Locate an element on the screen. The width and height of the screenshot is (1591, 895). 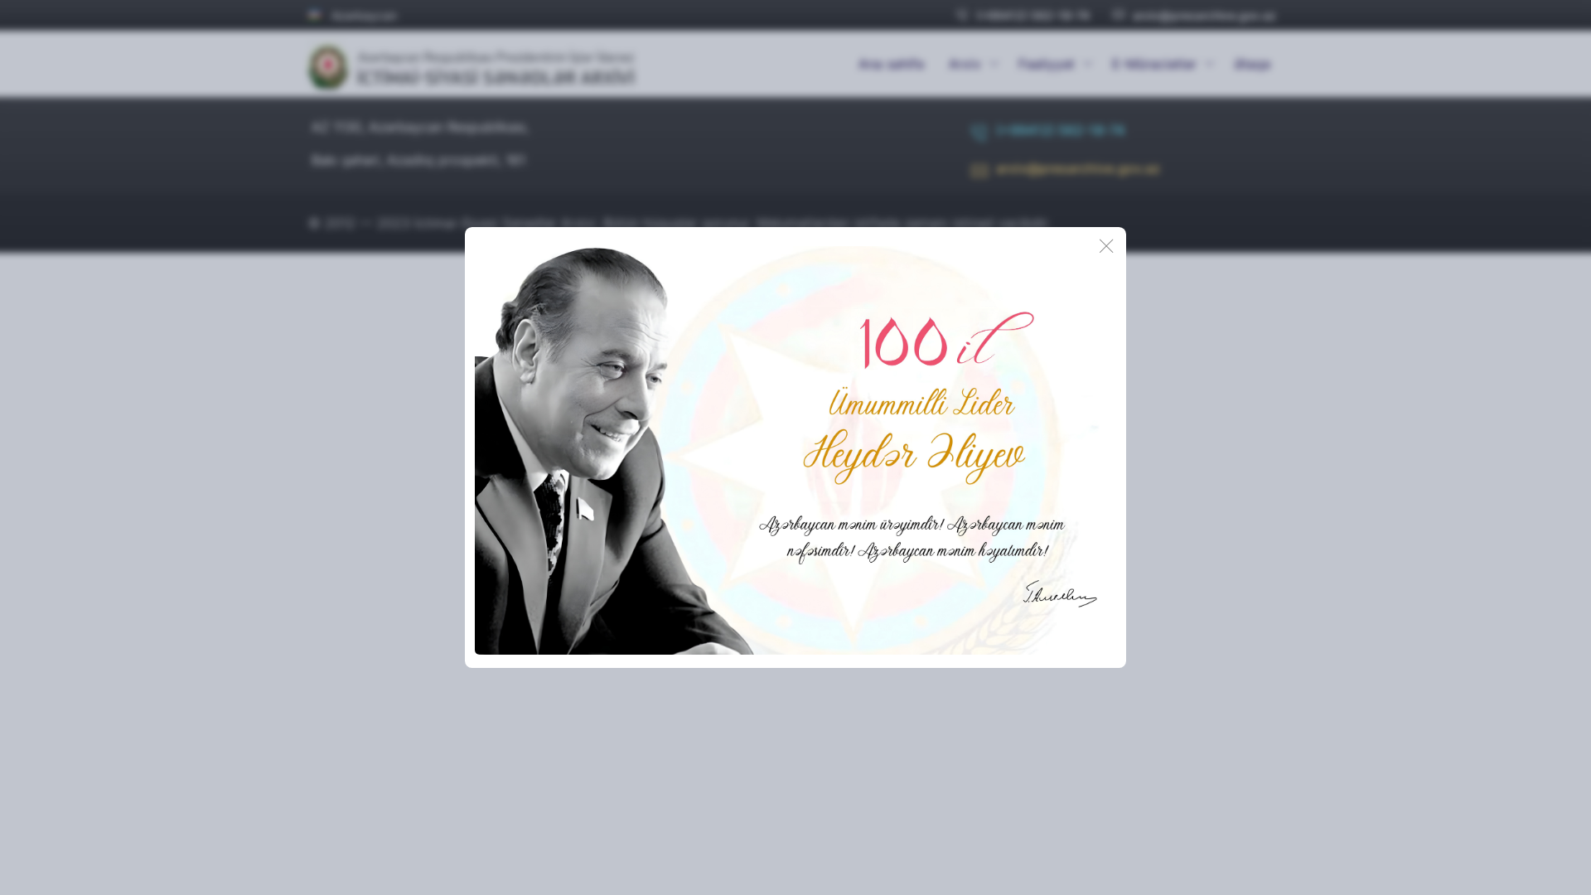
'(+99412) 562-18-74' is located at coordinates (1047, 135).